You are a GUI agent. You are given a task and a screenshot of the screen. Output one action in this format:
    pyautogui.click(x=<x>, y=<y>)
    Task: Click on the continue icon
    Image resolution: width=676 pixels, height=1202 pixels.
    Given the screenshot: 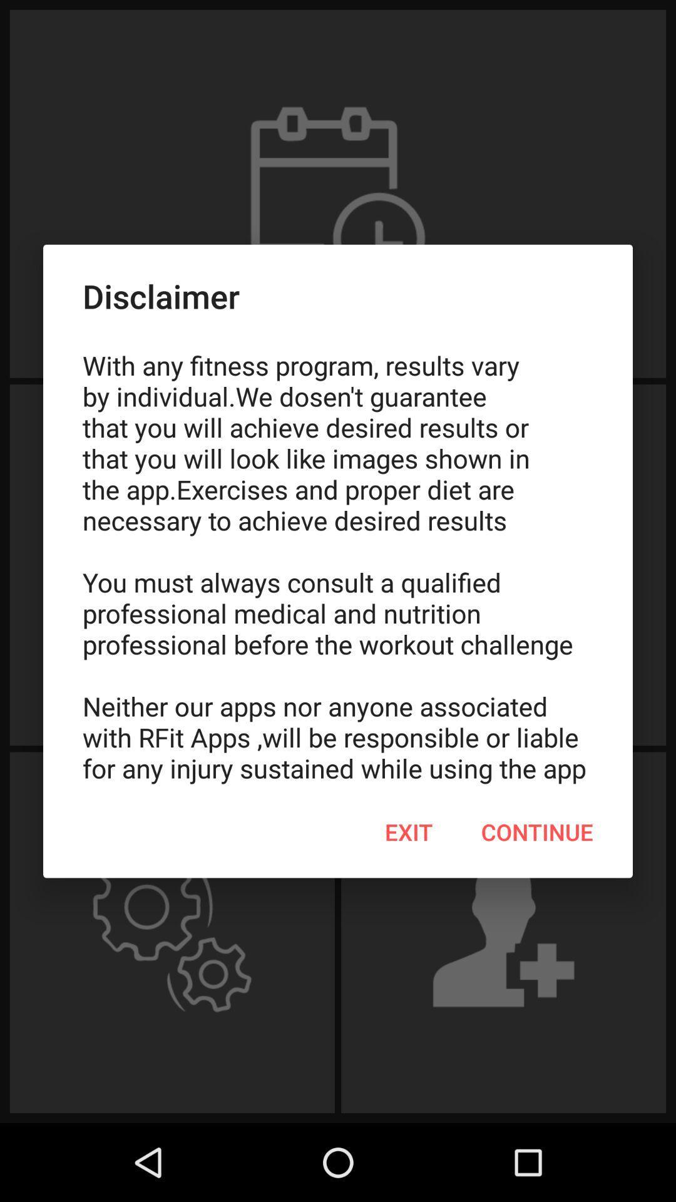 What is the action you would take?
    pyautogui.click(x=536, y=832)
    